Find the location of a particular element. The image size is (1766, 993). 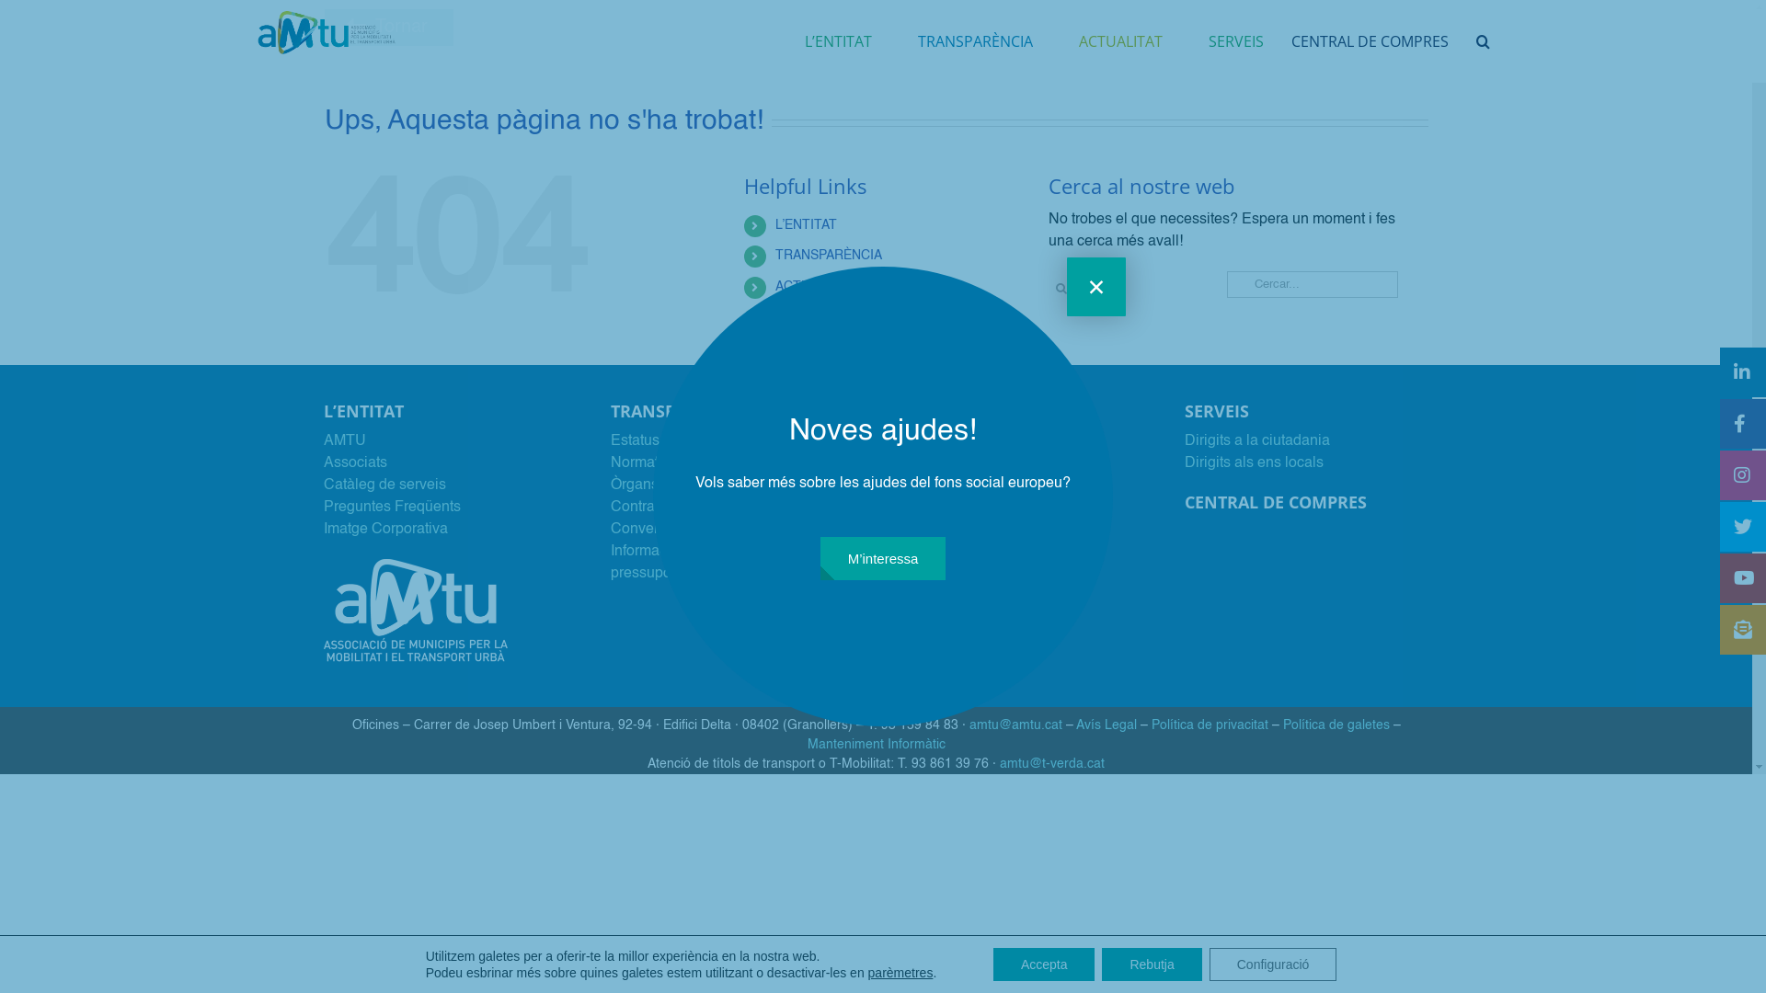

'Associats' is located at coordinates (355, 462).